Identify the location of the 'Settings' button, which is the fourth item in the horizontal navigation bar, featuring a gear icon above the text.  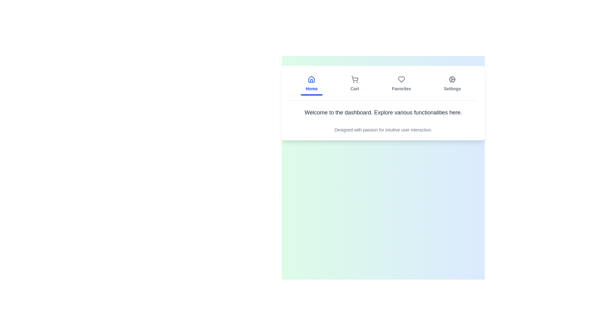
(452, 84).